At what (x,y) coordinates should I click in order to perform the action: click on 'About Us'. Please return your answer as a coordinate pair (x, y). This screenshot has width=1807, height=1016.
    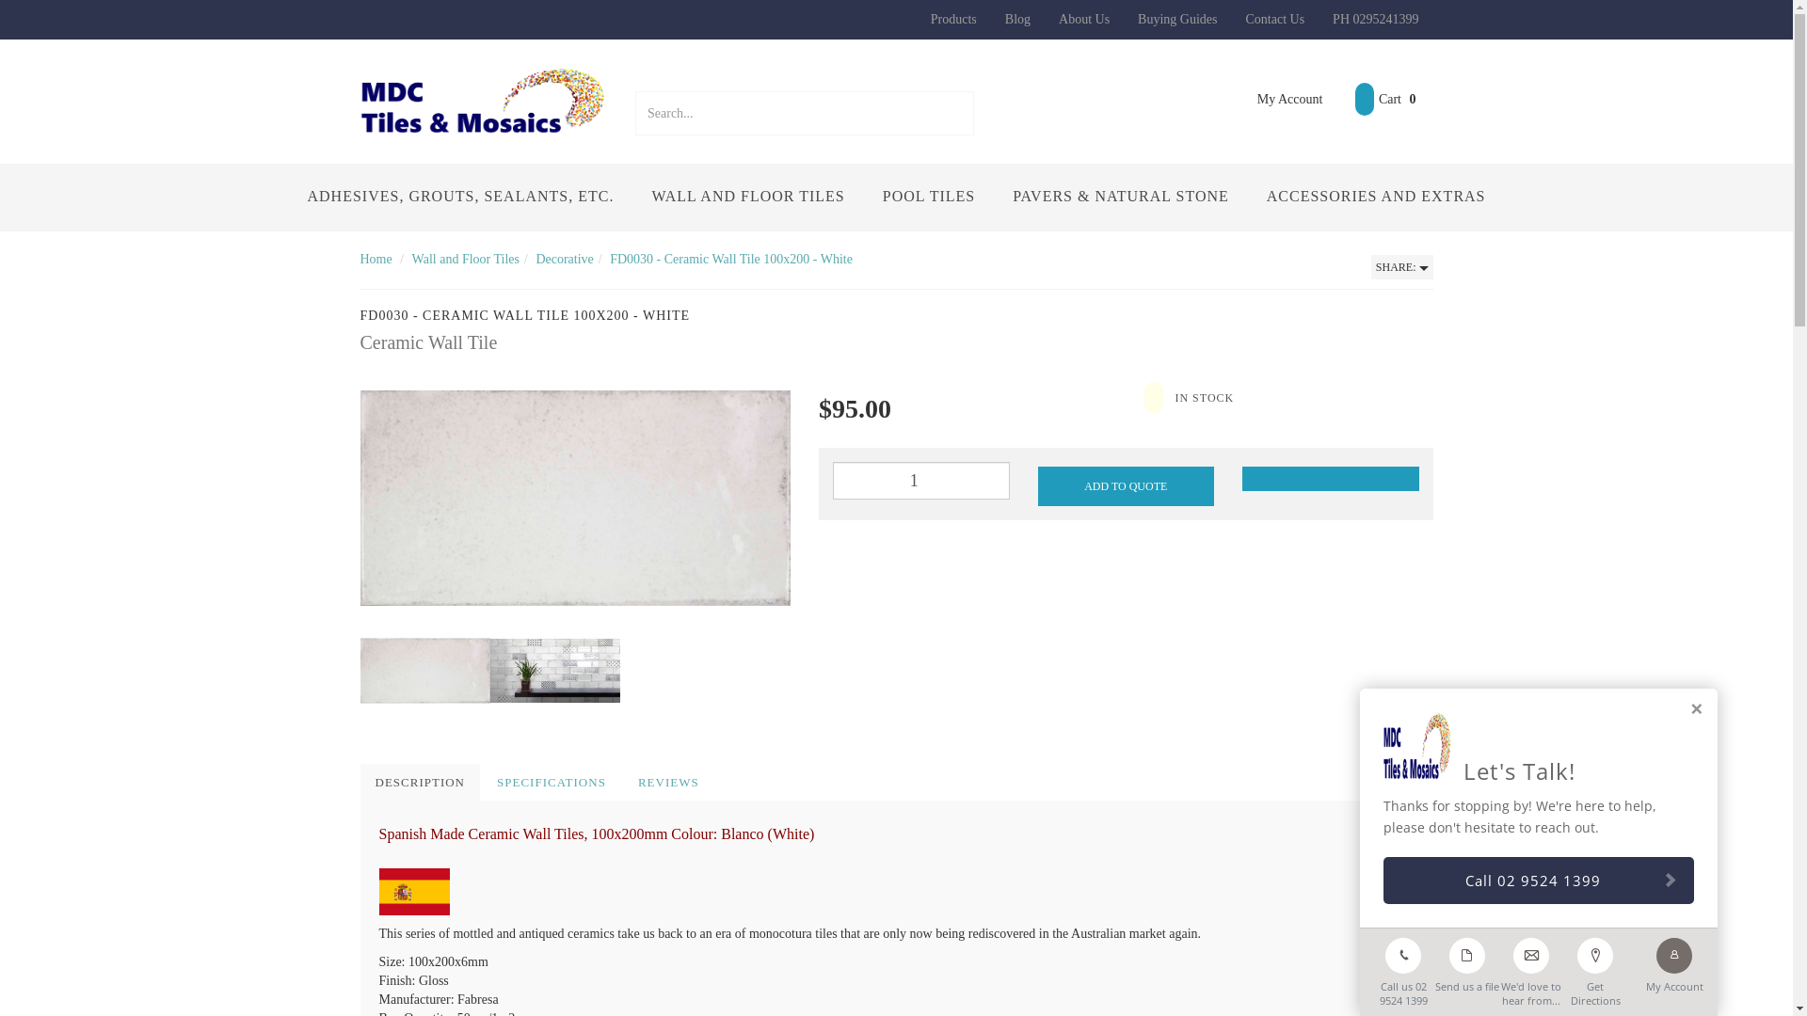
    Looking at the image, I should click on (1084, 19).